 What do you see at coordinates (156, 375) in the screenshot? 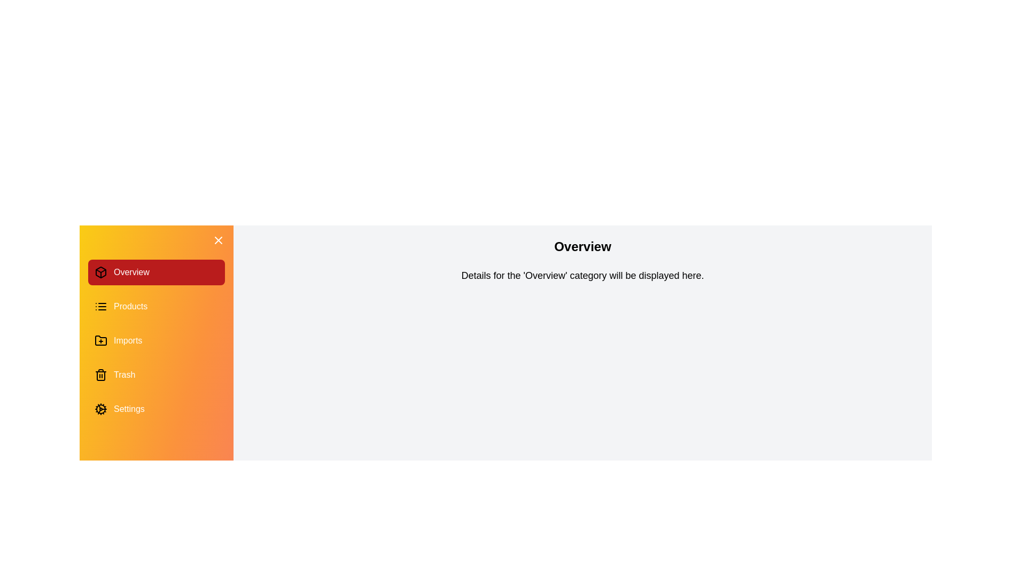
I see `the category item Trash to observe the hover effect` at bounding box center [156, 375].